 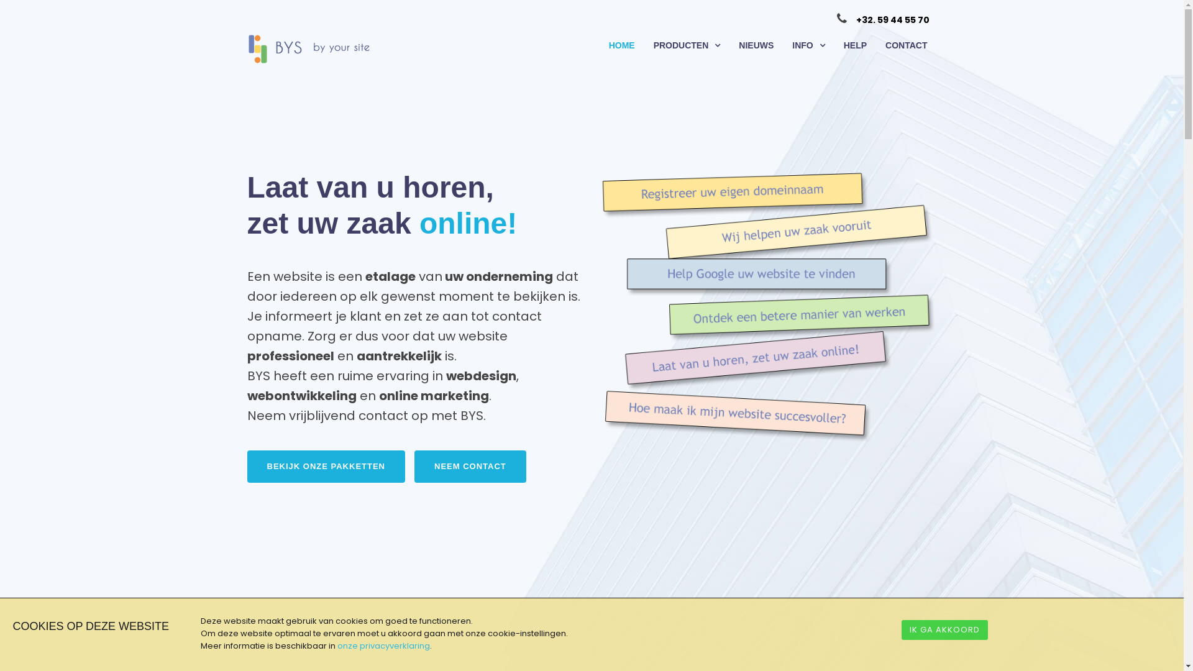 I want to click on 'onze privacyverklaring', so click(x=382, y=645).